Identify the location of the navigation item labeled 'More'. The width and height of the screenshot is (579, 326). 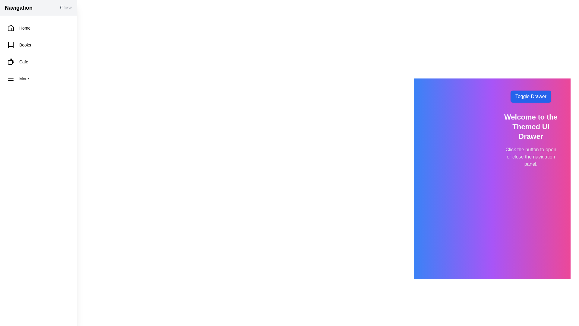
(38, 78).